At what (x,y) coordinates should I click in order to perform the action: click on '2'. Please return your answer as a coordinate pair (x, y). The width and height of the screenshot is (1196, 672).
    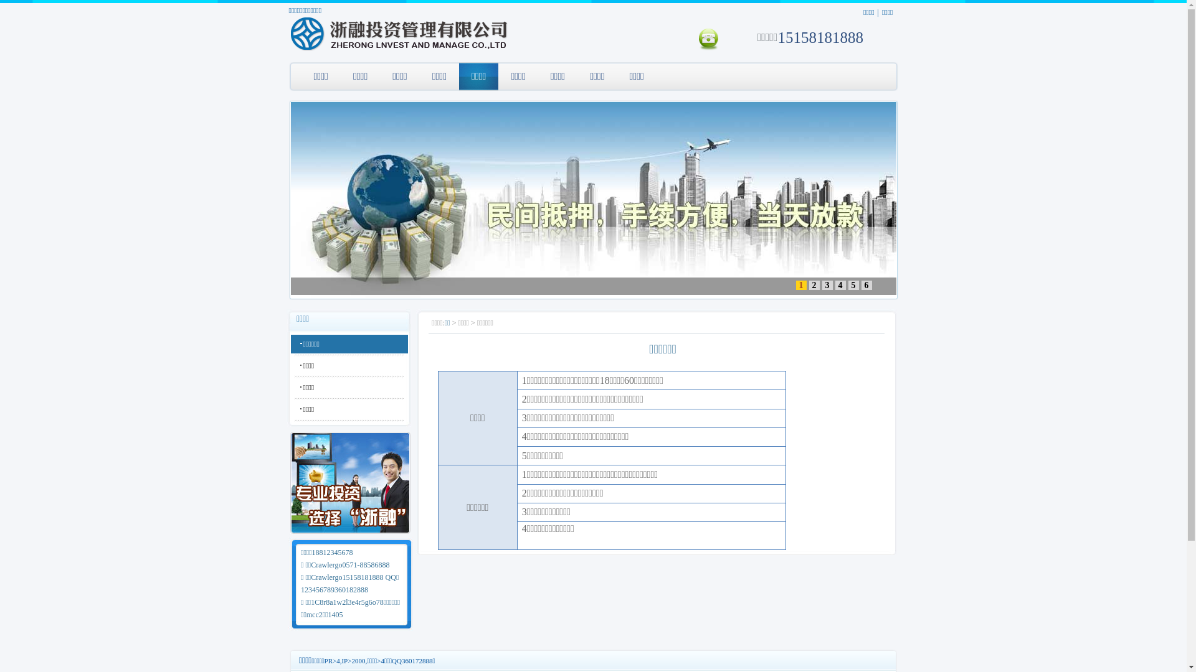
    Looking at the image, I should click on (808, 285).